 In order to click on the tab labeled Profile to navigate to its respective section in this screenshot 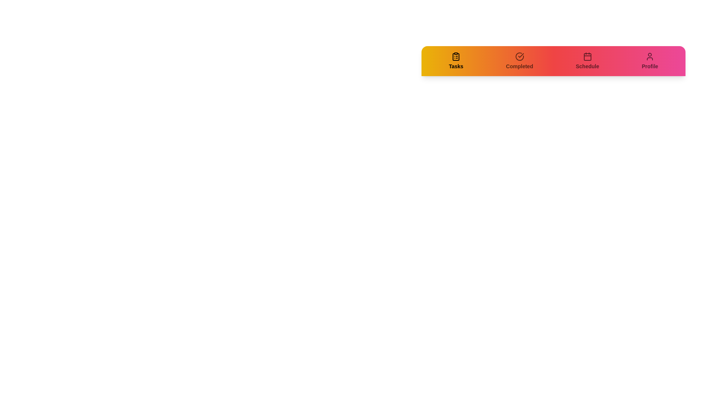, I will do `click(649, 60)`.